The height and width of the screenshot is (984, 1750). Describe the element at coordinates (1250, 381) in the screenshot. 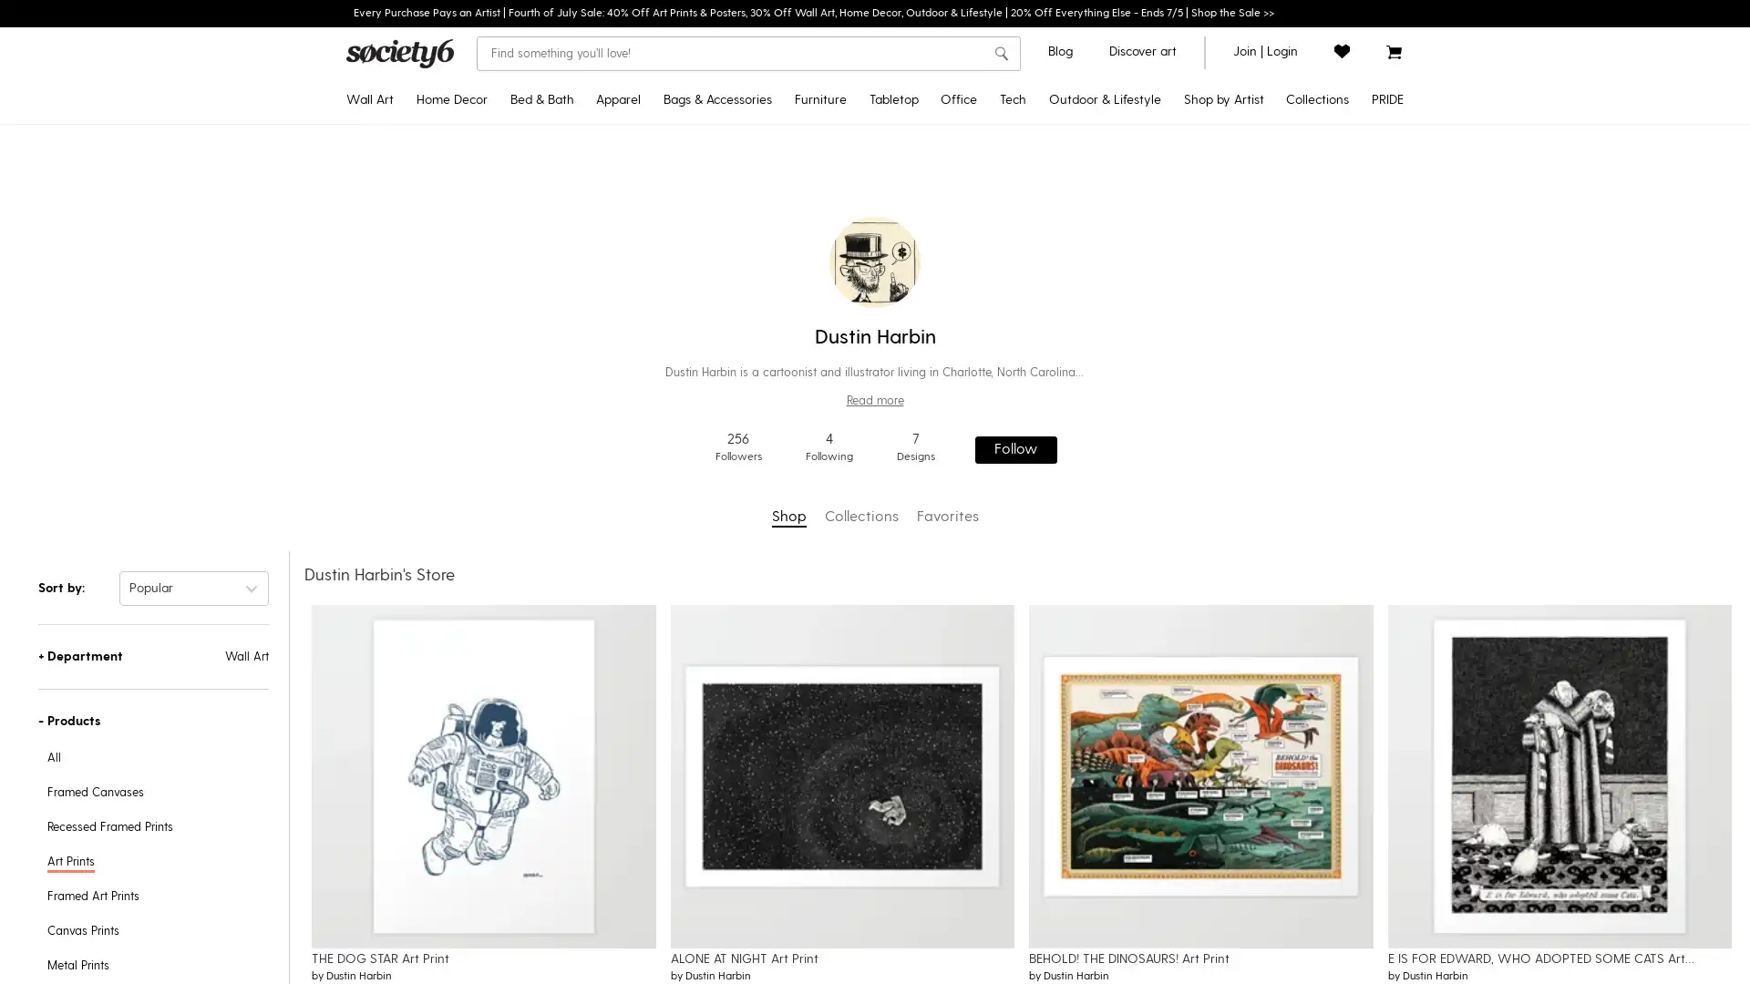

I see `Portraiture` at that location.